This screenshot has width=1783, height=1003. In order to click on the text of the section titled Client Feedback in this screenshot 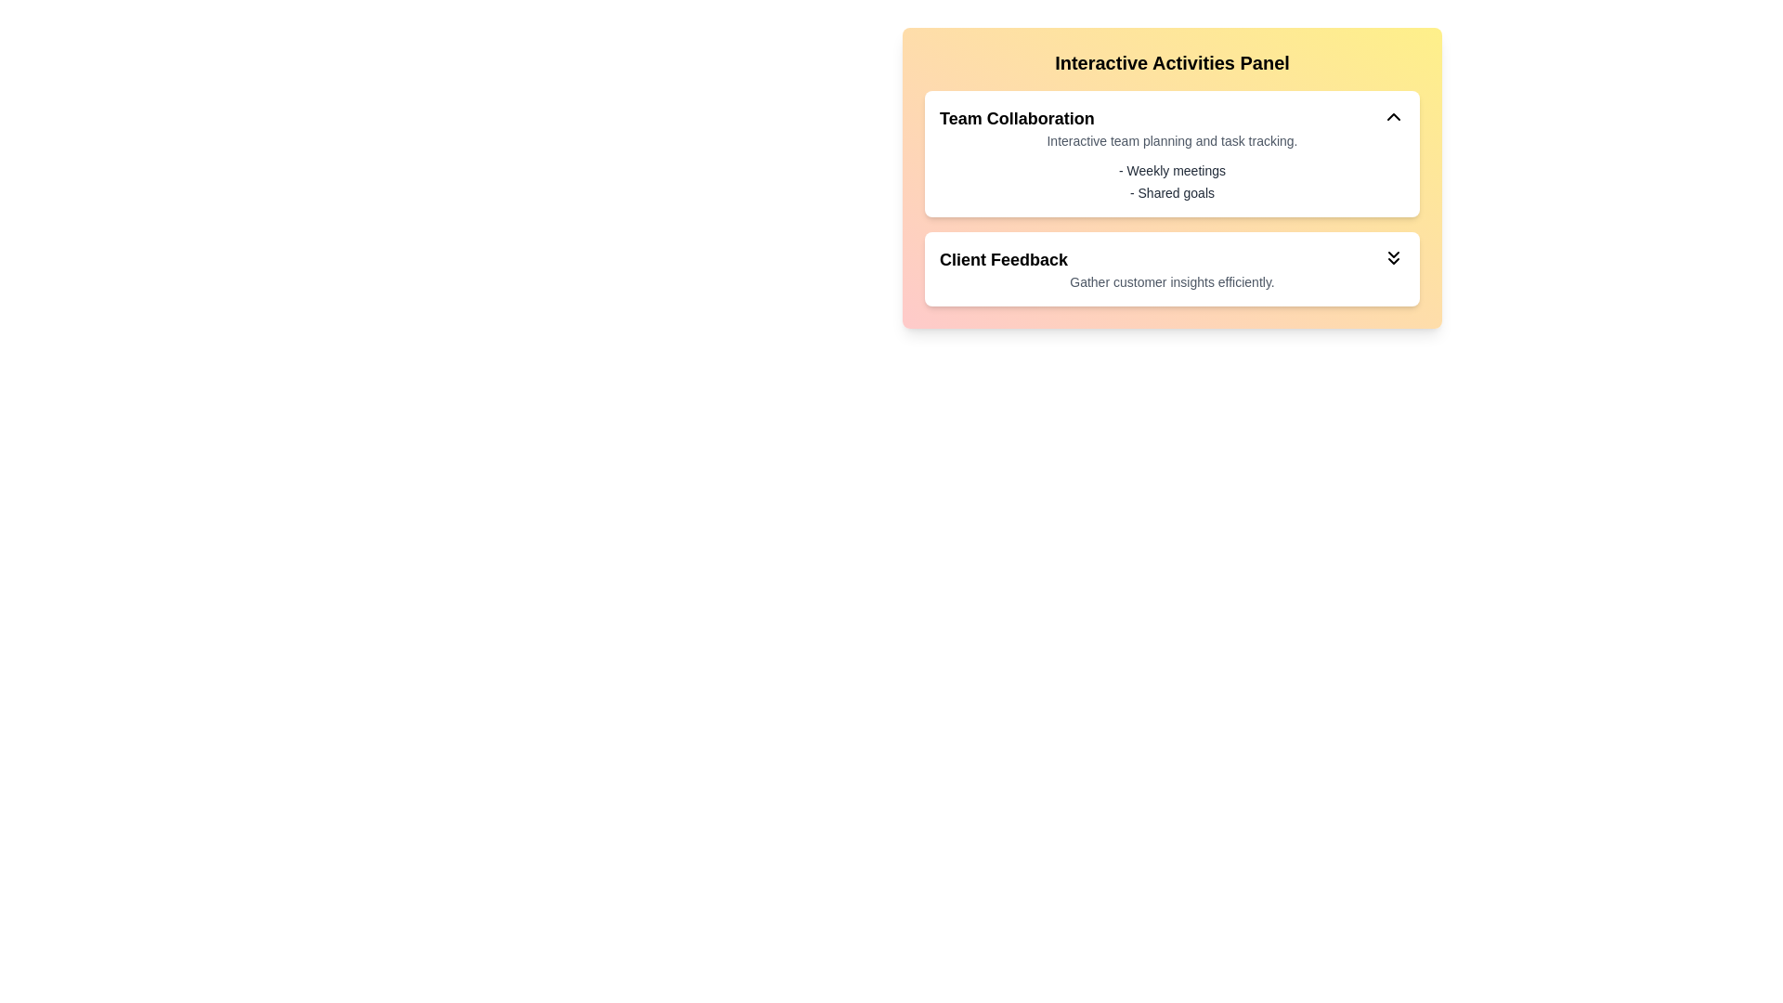, I will do `click(1002, 260)`.